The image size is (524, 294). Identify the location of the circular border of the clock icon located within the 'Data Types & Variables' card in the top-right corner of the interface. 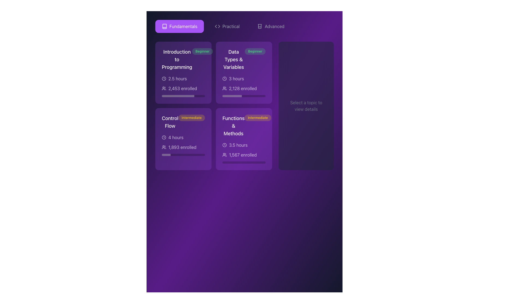
(224, 79).